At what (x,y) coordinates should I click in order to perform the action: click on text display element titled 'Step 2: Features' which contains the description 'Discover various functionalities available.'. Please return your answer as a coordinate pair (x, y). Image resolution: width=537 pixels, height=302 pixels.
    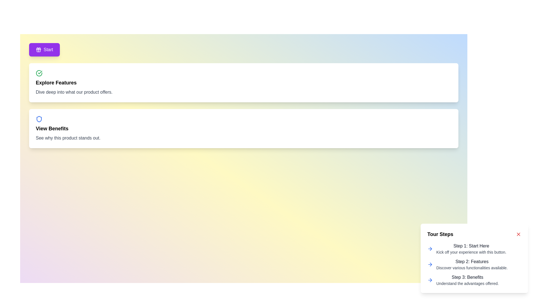
    Looking at the image, I should click on (472, 264).